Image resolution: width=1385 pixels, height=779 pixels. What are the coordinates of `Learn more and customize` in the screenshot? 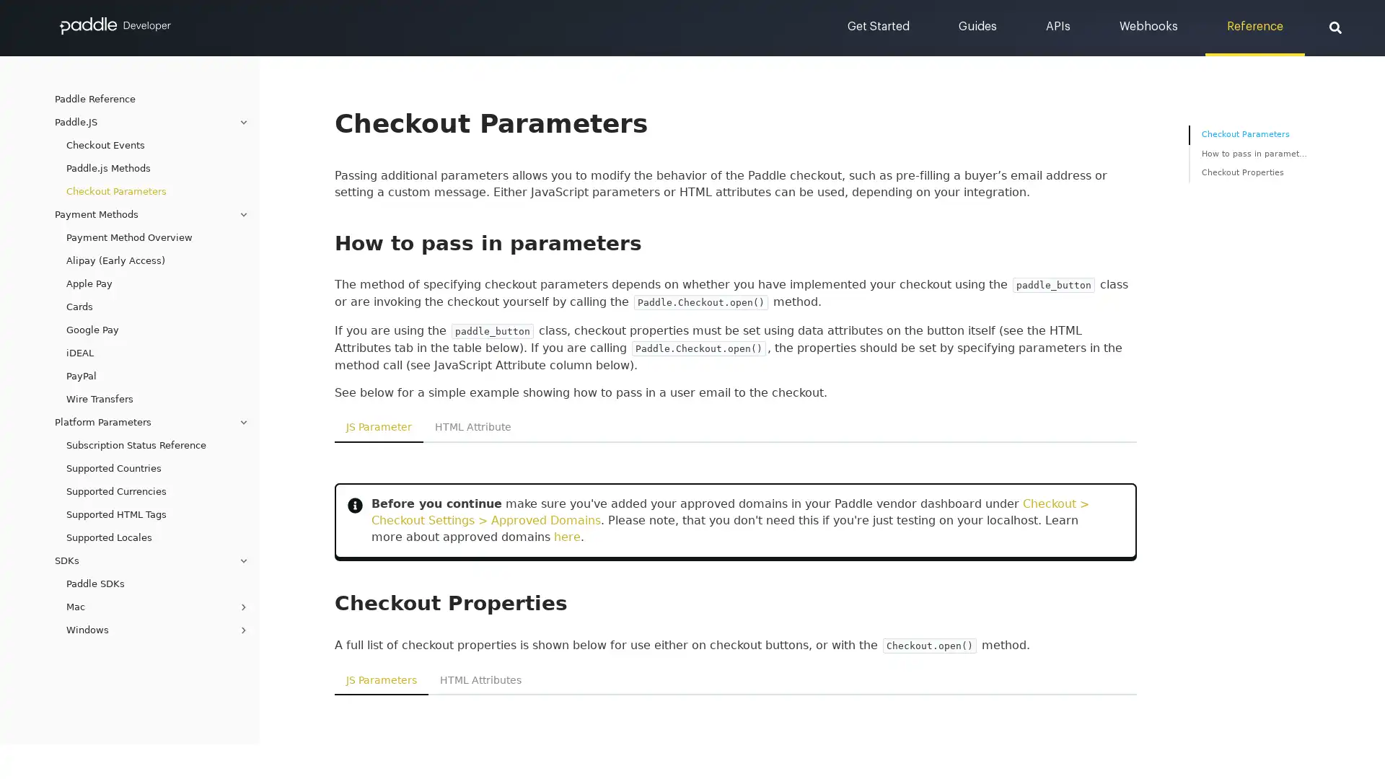 It's located at (463, 177).